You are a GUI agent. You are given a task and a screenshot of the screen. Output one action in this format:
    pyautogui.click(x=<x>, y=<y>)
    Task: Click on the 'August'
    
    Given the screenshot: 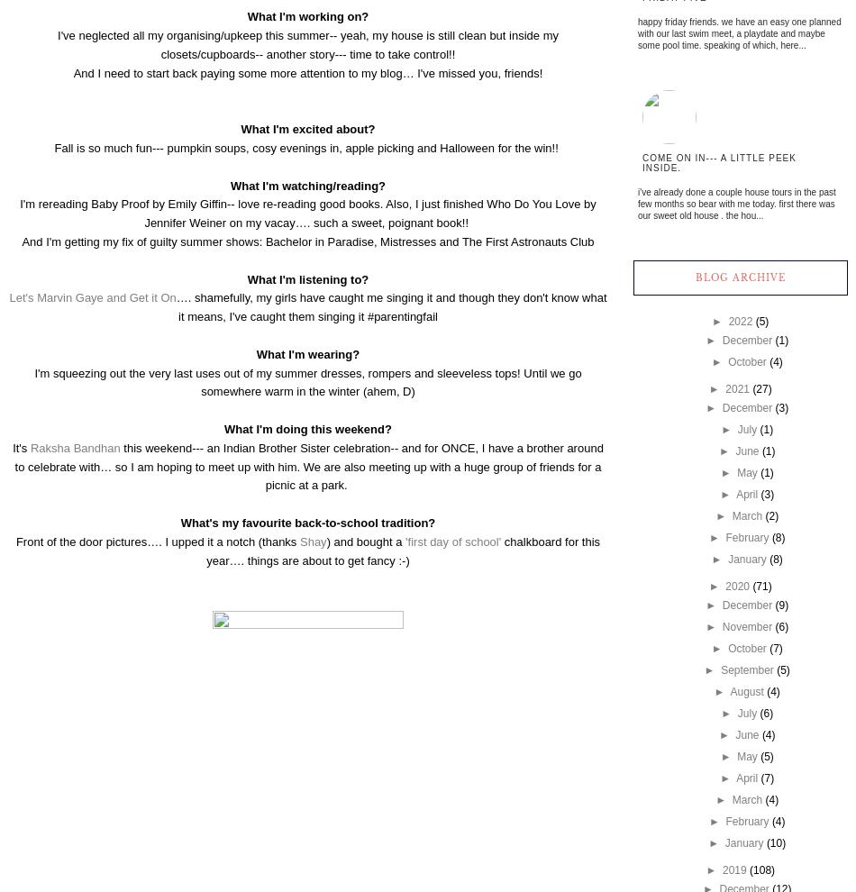 What is the action you would take?
    pyautogui.click(x=745, y=692)
    